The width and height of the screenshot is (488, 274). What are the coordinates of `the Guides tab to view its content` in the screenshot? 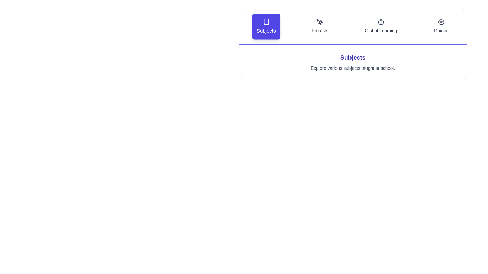 It's located at (441, 26).